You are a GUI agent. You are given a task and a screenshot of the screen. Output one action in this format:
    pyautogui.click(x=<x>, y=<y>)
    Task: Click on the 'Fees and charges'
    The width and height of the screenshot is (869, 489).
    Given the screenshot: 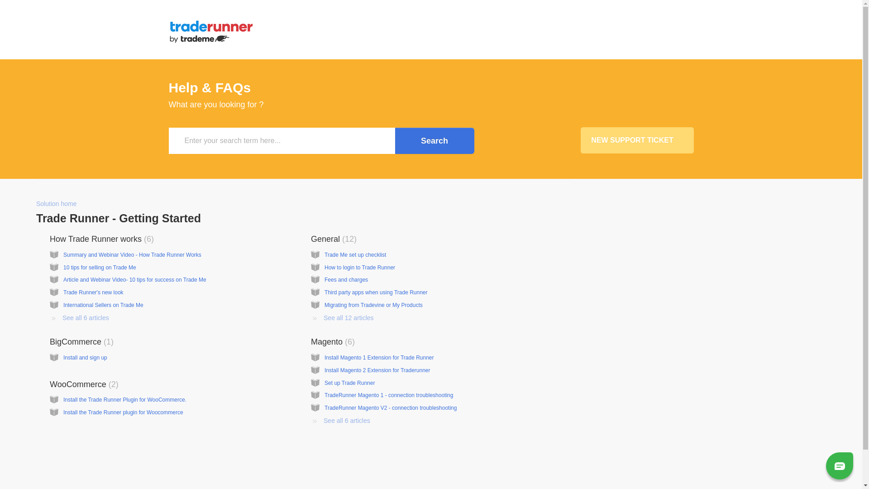 What is the action you would take?
    pyautogui.click(x=345, y=279)
    